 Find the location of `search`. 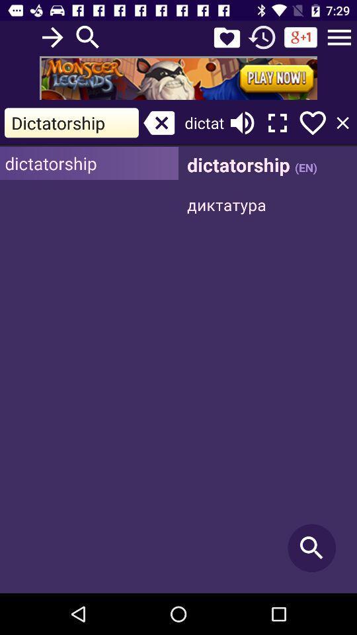

search is located at coordinates (268, 370).